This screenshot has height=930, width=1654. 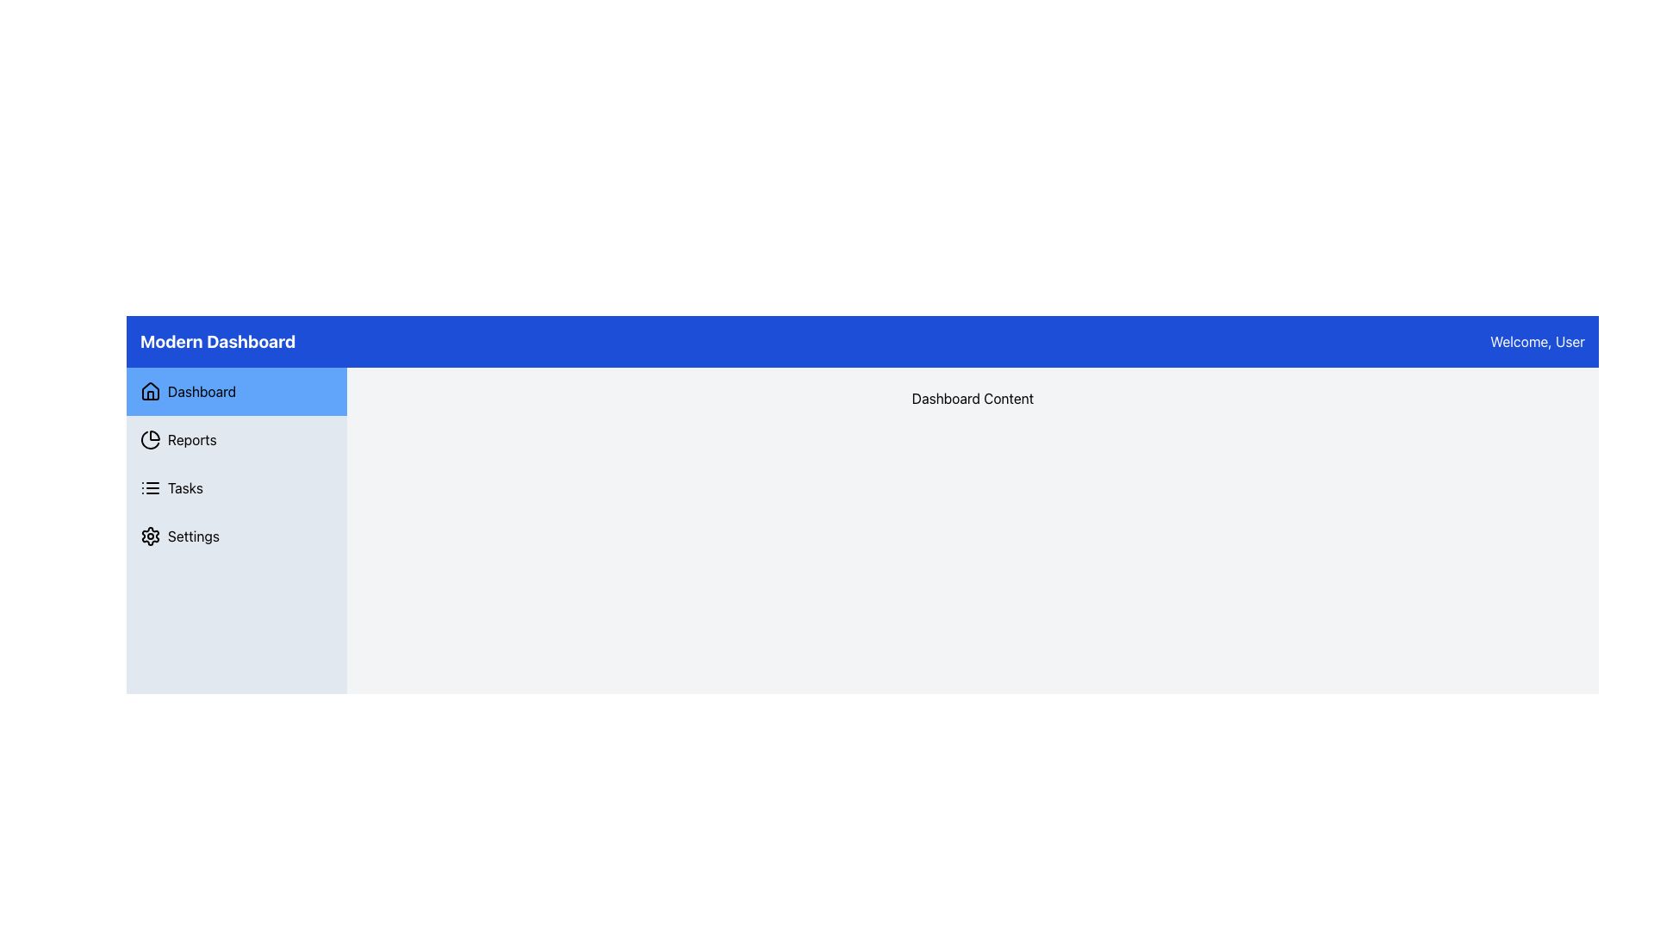 I want to click on the upper, convex segment of the pie chart icon representing the 'Reports' menu item in the vertical menu, so click(x=154, y=434).